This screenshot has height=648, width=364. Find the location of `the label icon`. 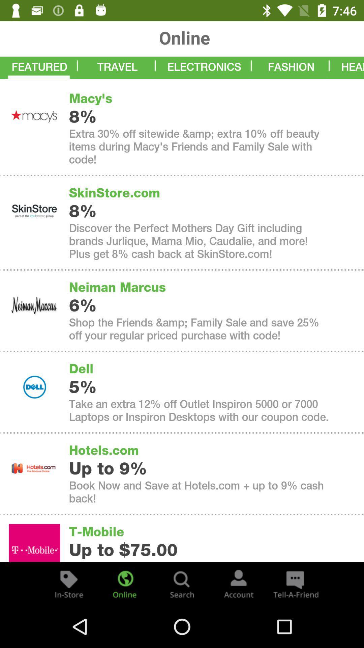

the label icon is located at coordinates (69, 583).